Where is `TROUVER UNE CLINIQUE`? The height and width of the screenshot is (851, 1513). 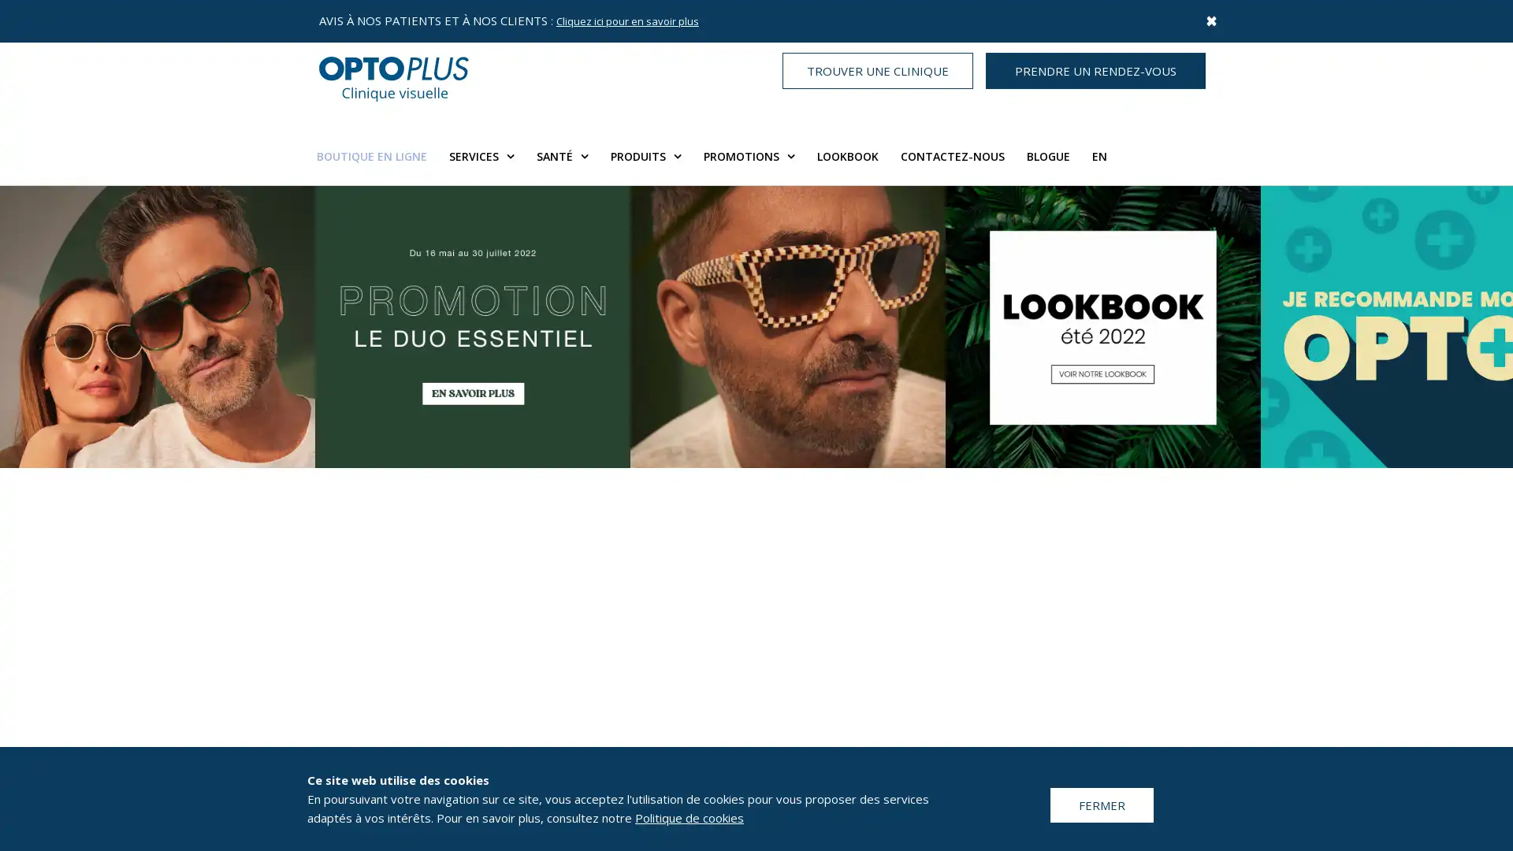
TROUVER UNE CLINIQUE is located at coordinates (876, 69).